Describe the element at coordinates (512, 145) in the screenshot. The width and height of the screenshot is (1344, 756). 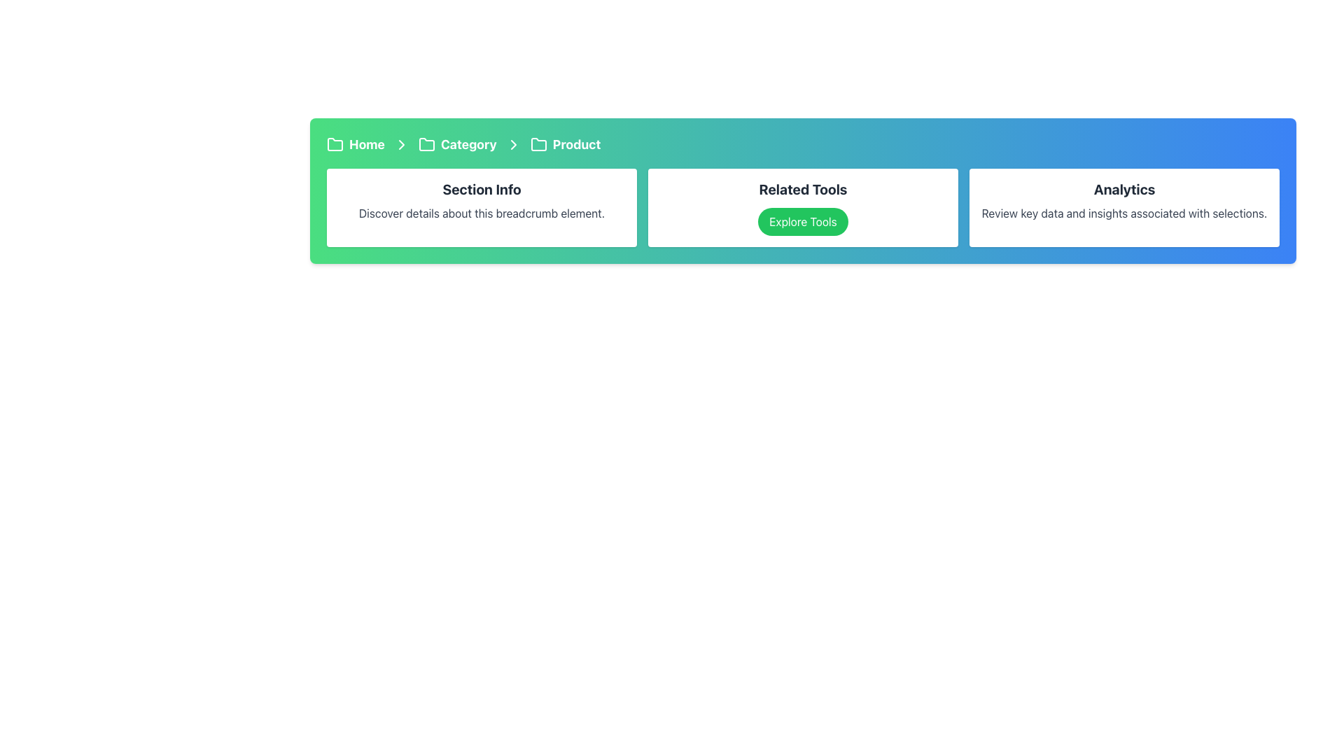
I see `the breadcrumb navigation icon that indicates progression from 'Category' to 'Product'` at that location.